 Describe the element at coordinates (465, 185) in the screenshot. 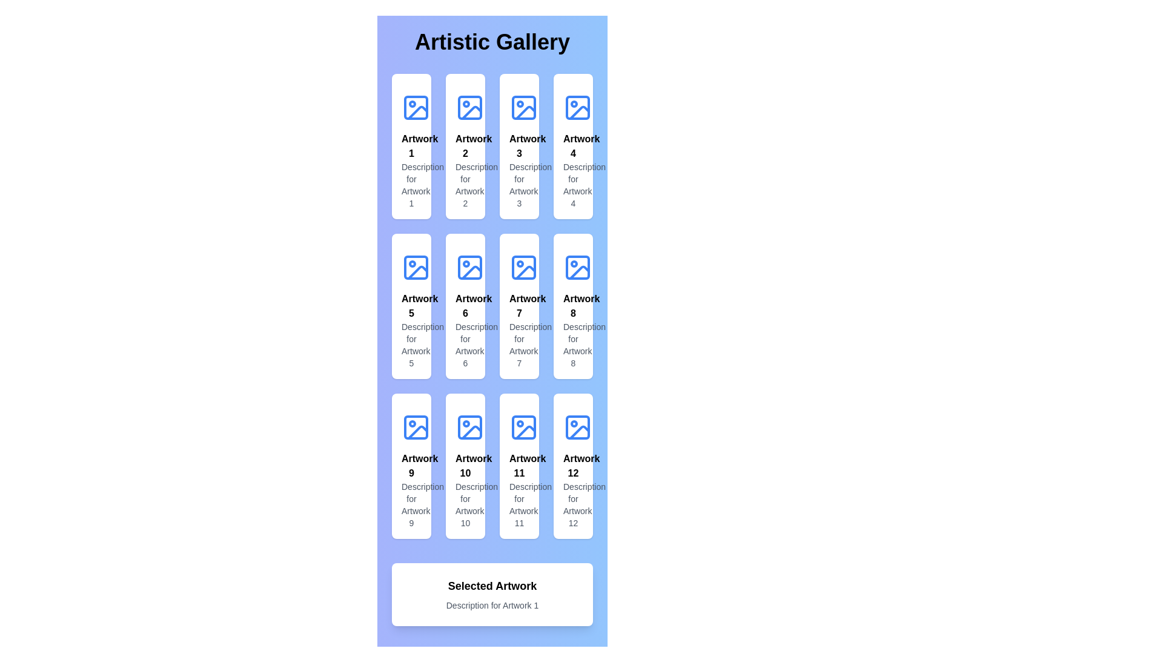

I see `the text label displaying 'Description for Artwork 2', which is styled in a small, centered, gray font and located below the title 'Artwork 2'` at that location.